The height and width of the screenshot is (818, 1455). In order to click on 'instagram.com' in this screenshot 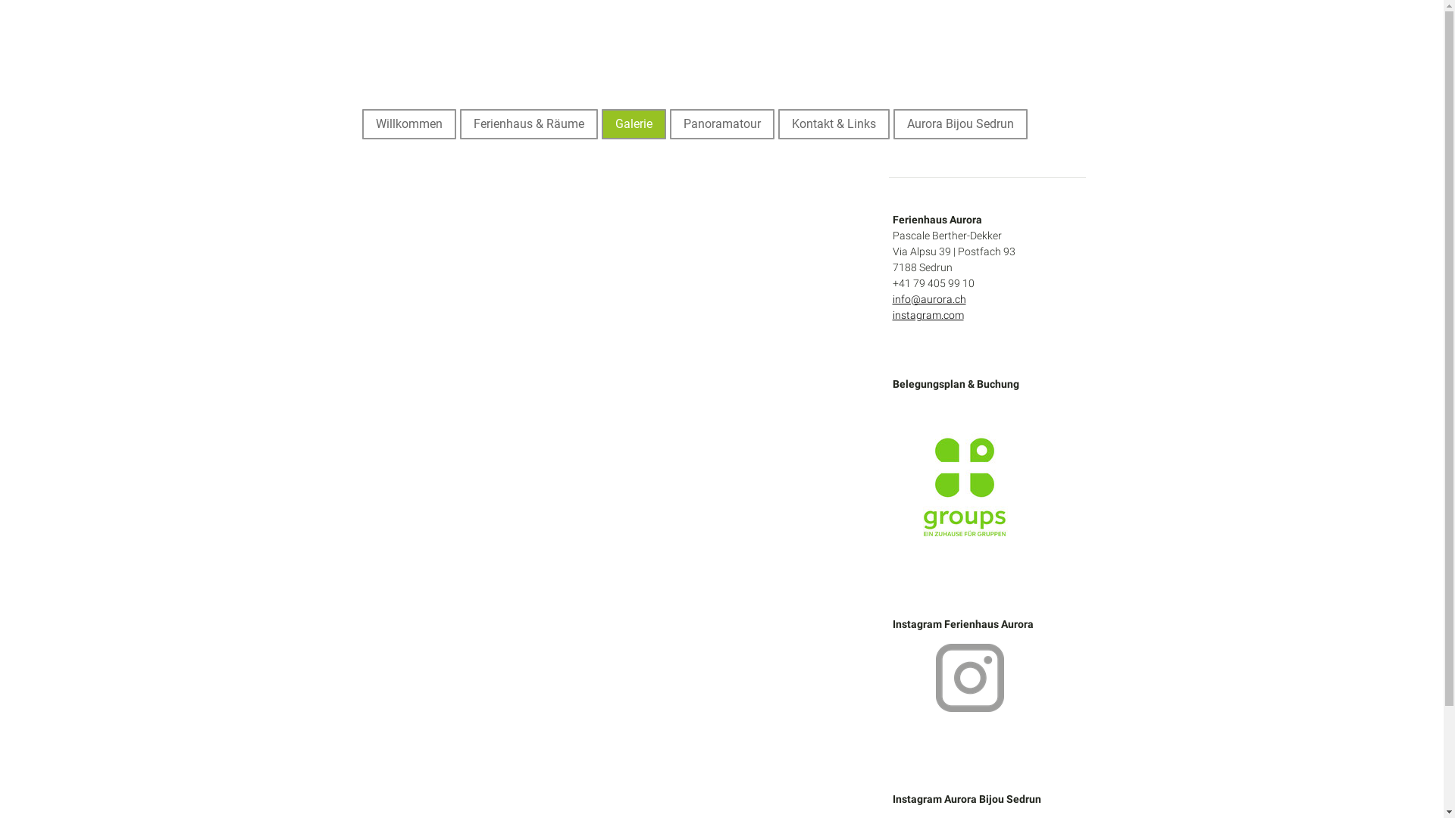, I will do `click(927, 314)`.